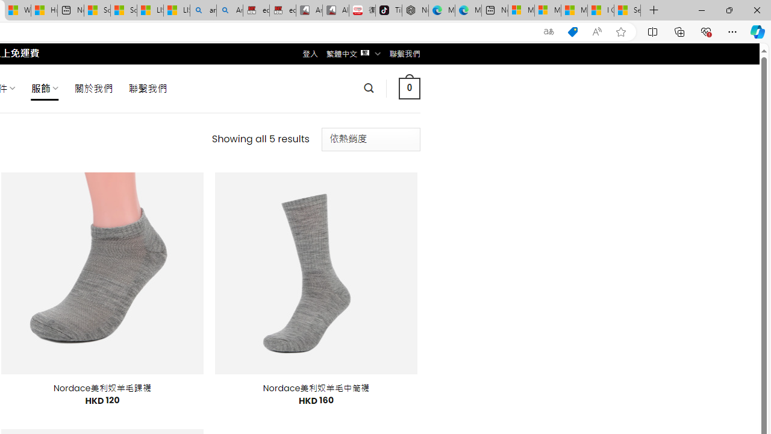  Describe the element at coordinates (389, 10) in the screenshot. I see `'TikTok'` at that location.